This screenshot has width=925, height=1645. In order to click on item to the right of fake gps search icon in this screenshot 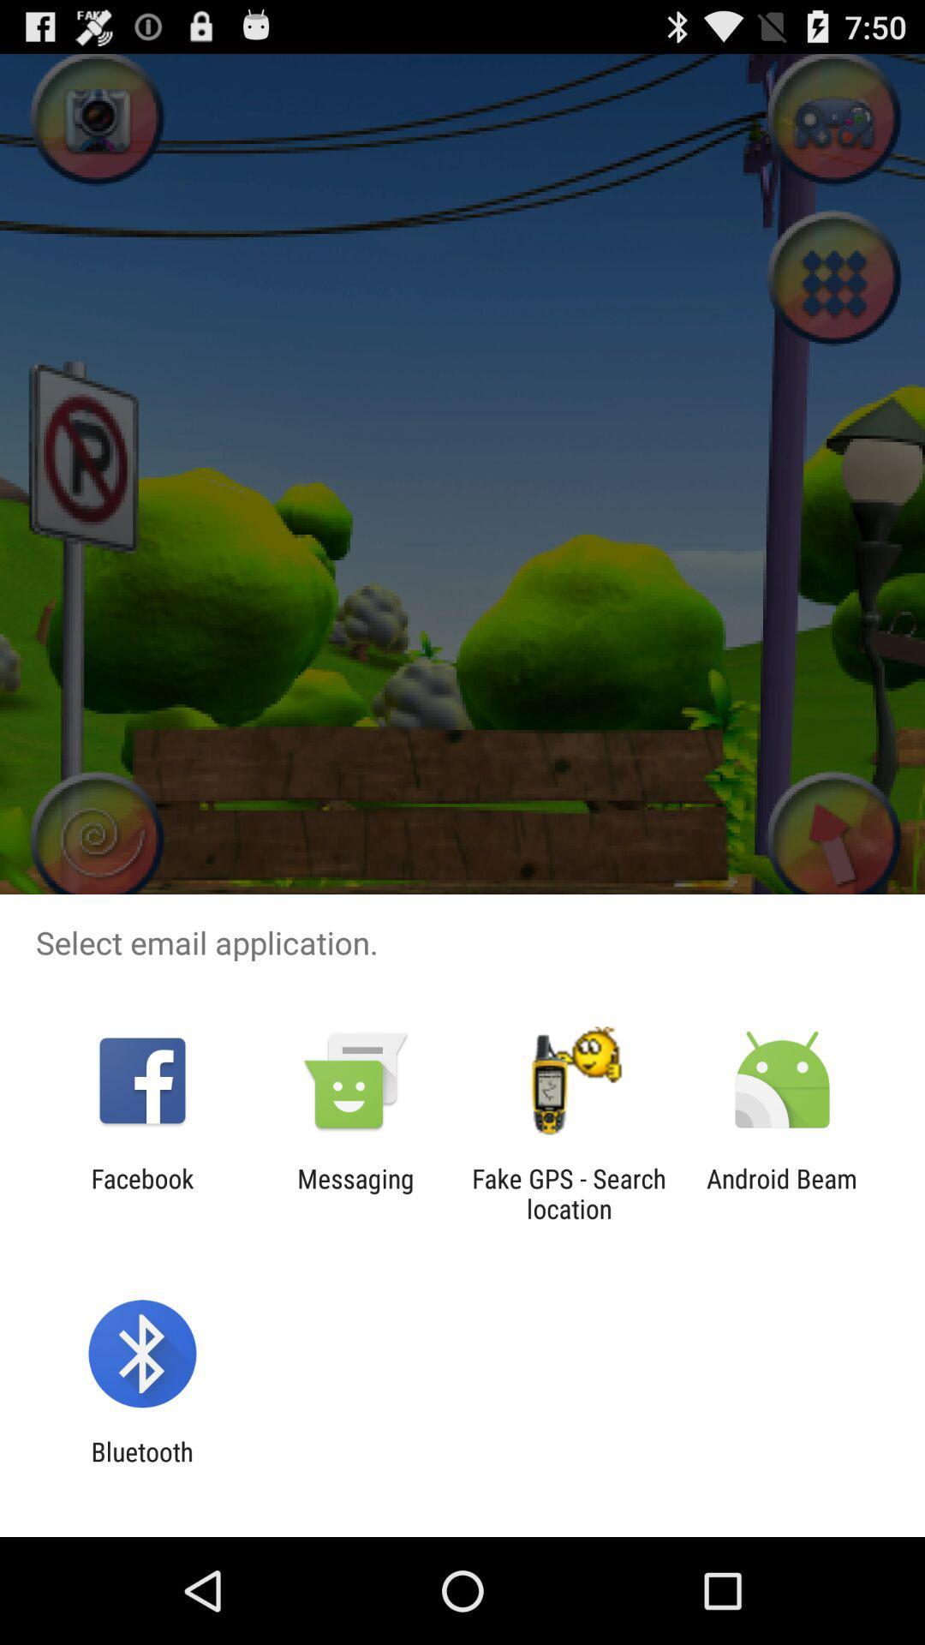, I will do `click(782, 1193)`.